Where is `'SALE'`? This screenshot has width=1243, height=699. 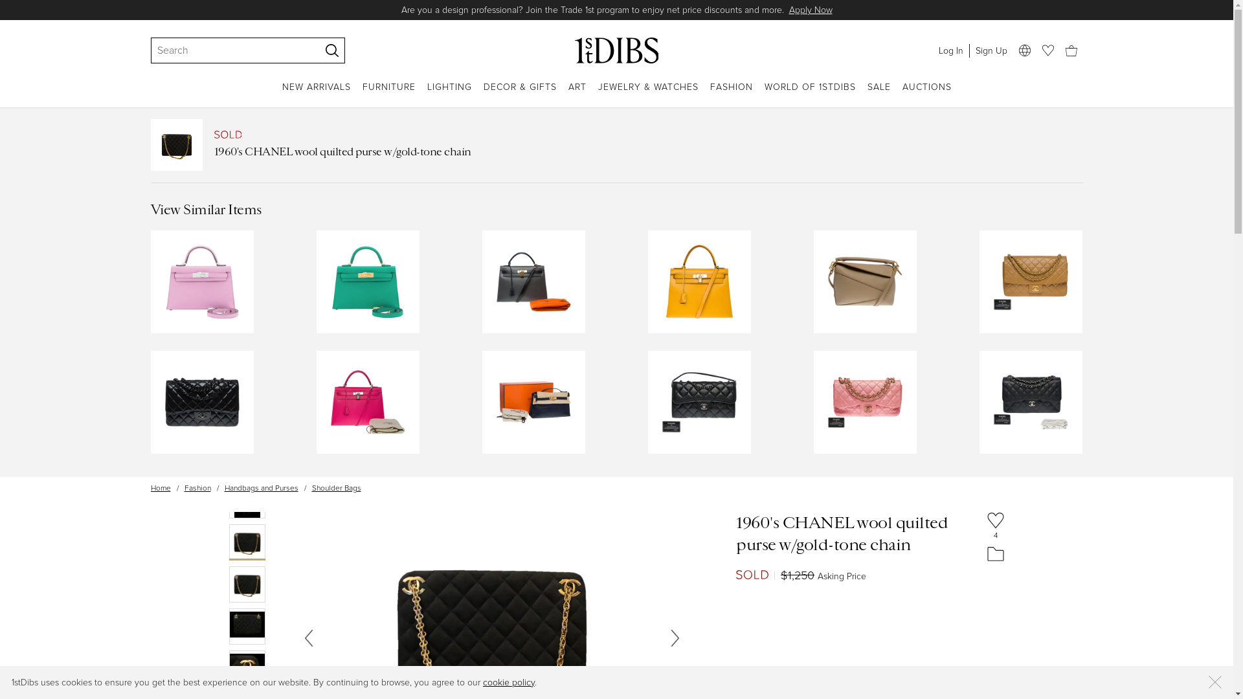 'SALE' is located at coordinates (867, 93).